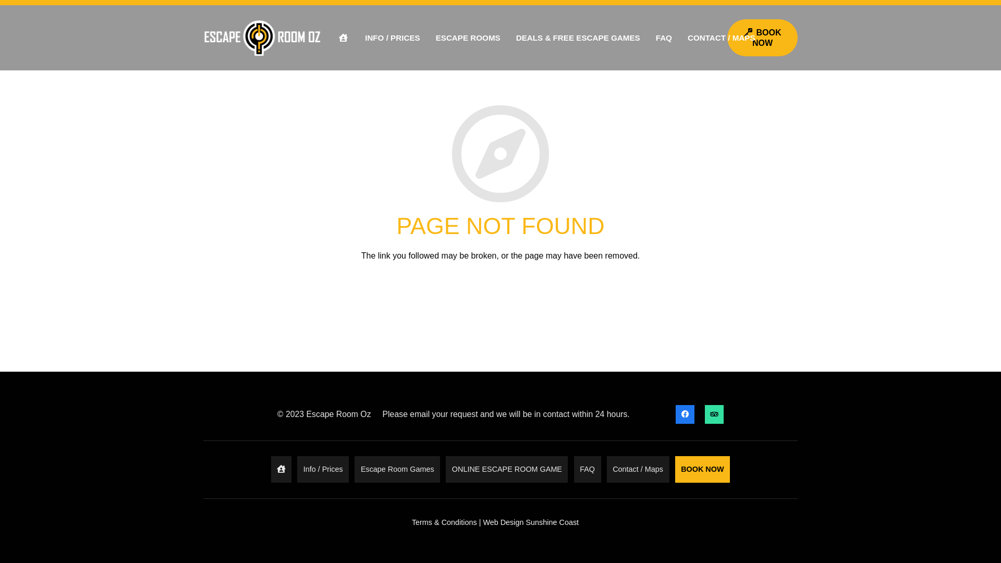 Image resolution: width=1001 pixels, height=563 pixels. What do you see at coordinates (638, 469) in the screenshot?
I see `'Contact / Maps'` at bounding box center [638, 469].